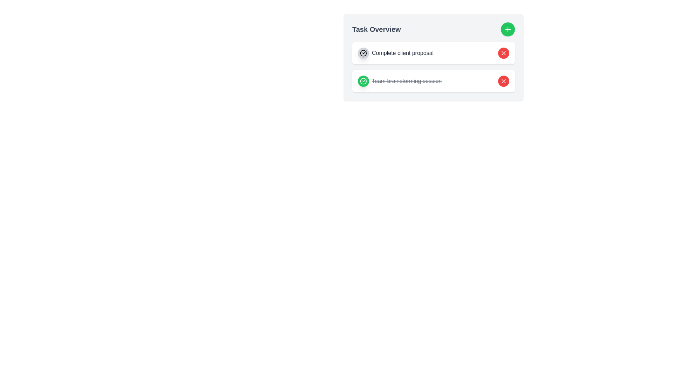 The width and height of the screenshot is (673, 378). What do you see at coordinates (503, 80) in the screenshot?
I see `the circular red button with a white 'X' icon located at the far right of the 'Team brainstorming session' list item` at bounding box center [503, 80].